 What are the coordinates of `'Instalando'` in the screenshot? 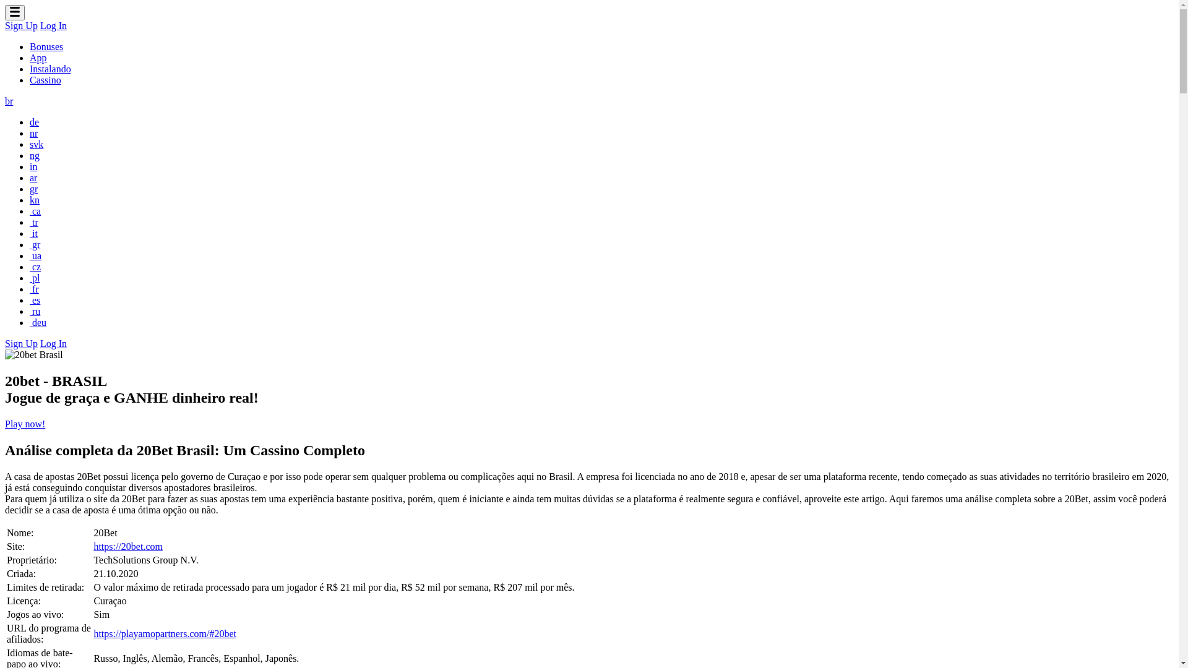 It's located at (30, 69).